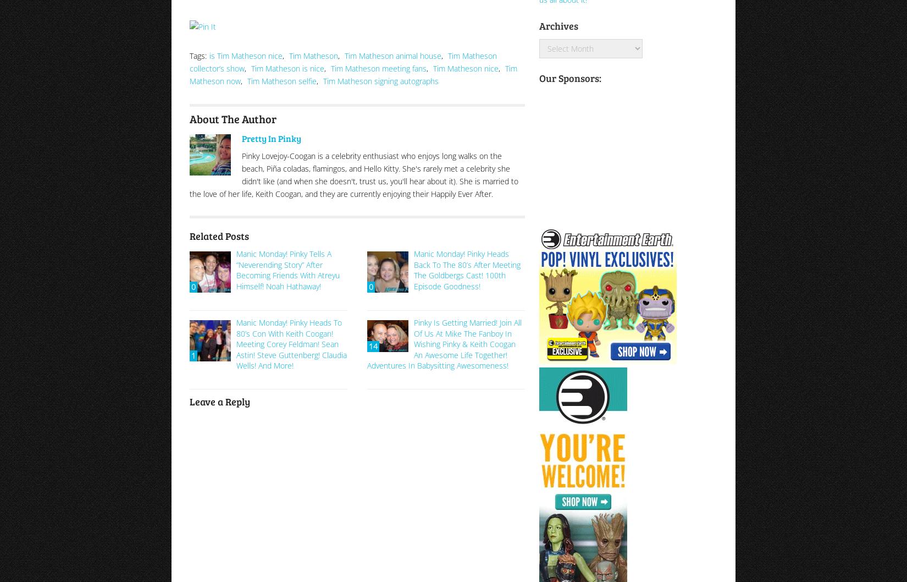 This screenshot has width=907, height=582. Describe the element at coordinates (287, 268) in the screenshot. I see `'Manic Monday! Pinky Tells A “Neverending Story” After Becoming Friends With Atreyu Himself! Noah Hathaway!'` at that location.